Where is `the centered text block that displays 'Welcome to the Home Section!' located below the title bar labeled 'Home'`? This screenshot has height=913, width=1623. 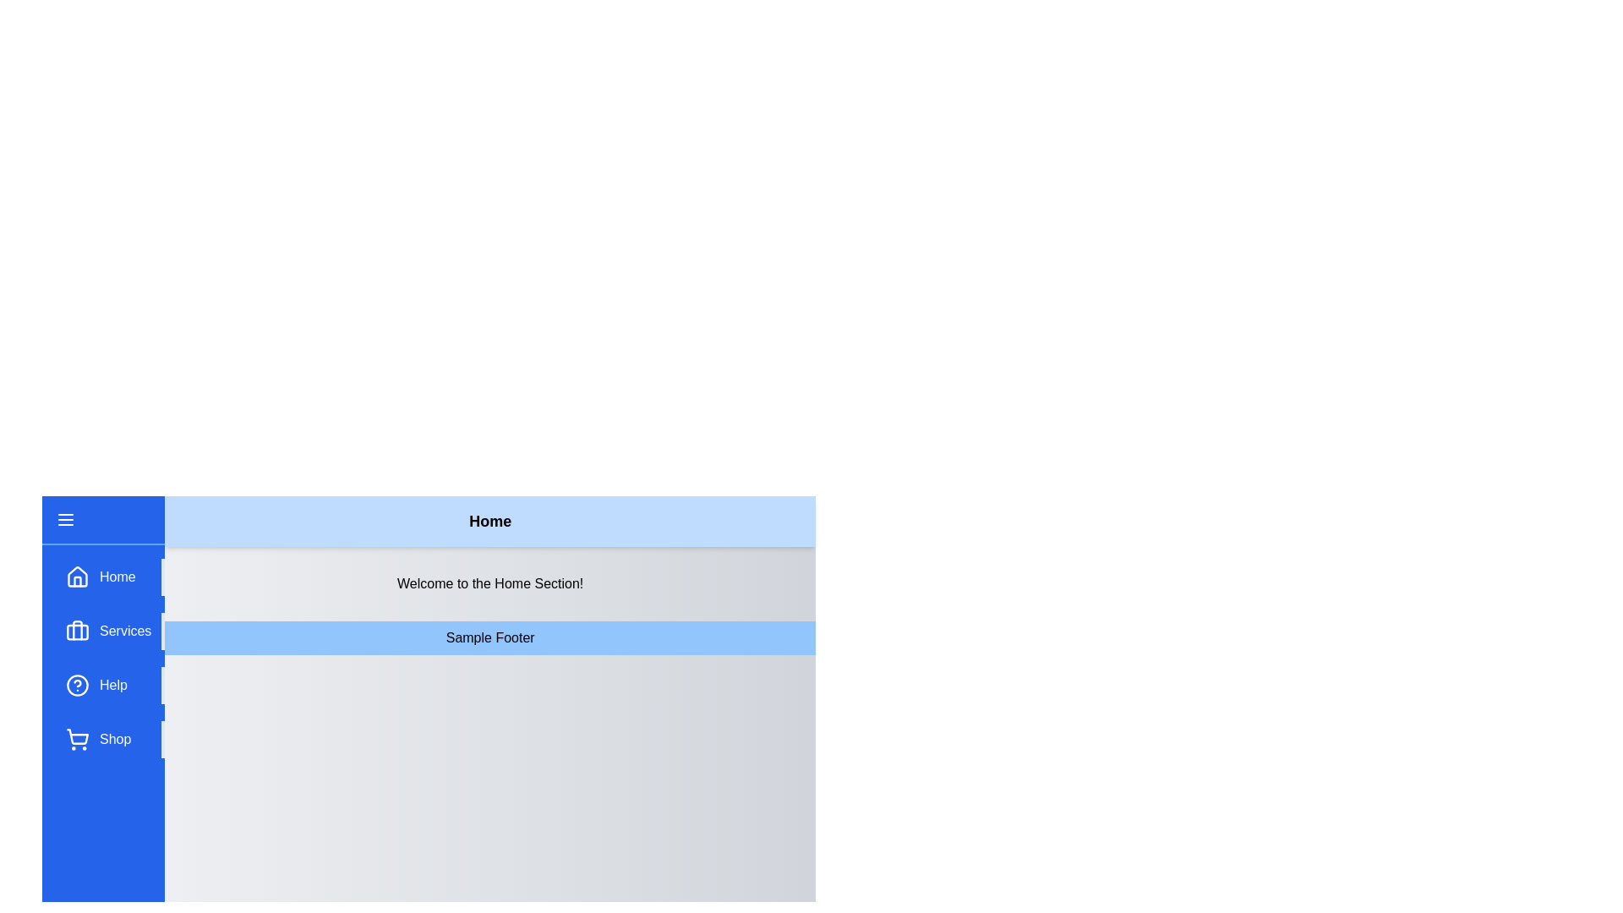
the centered text block that displays 'Welcome to the Home Section!' located below the title bar labeled 'Home' is located at coordinates (489, 582).